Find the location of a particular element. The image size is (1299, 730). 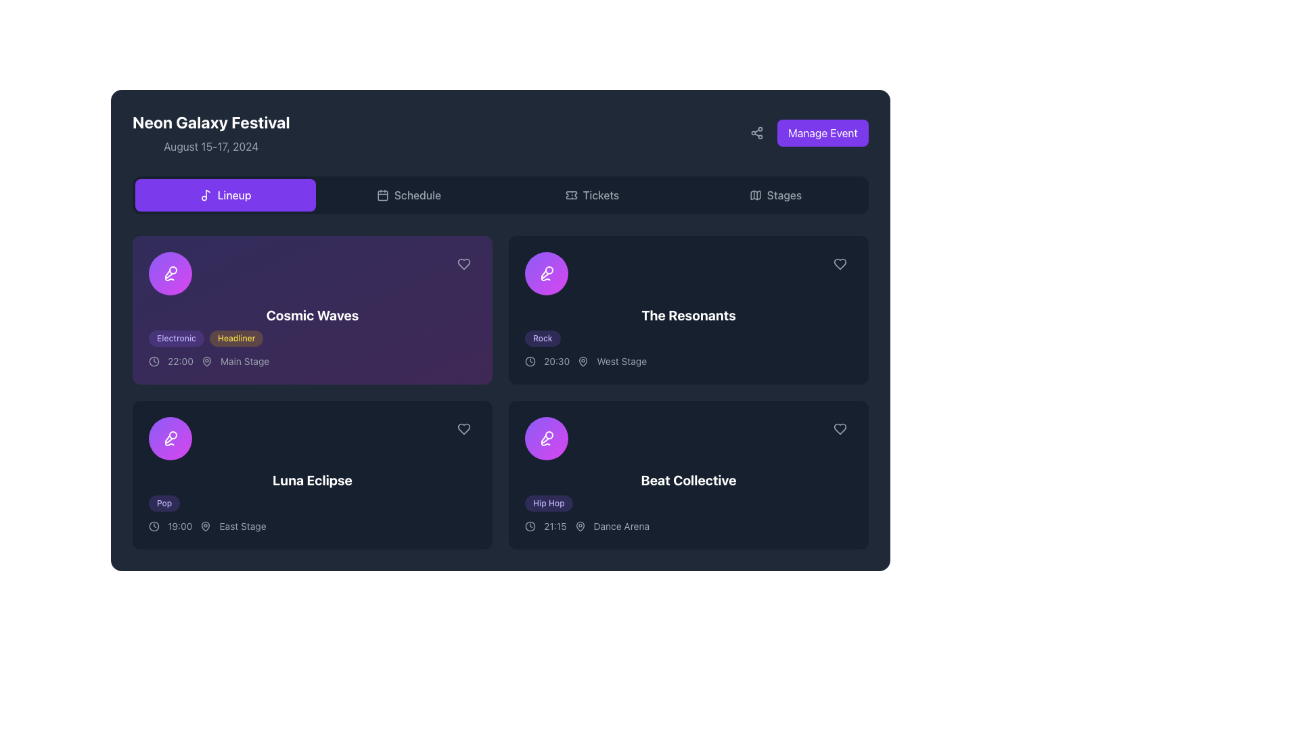

the heart-shaped icon outlined in light gray at the top-right corner of the 'Beat Collective' card is located at coordinates (840, 429).